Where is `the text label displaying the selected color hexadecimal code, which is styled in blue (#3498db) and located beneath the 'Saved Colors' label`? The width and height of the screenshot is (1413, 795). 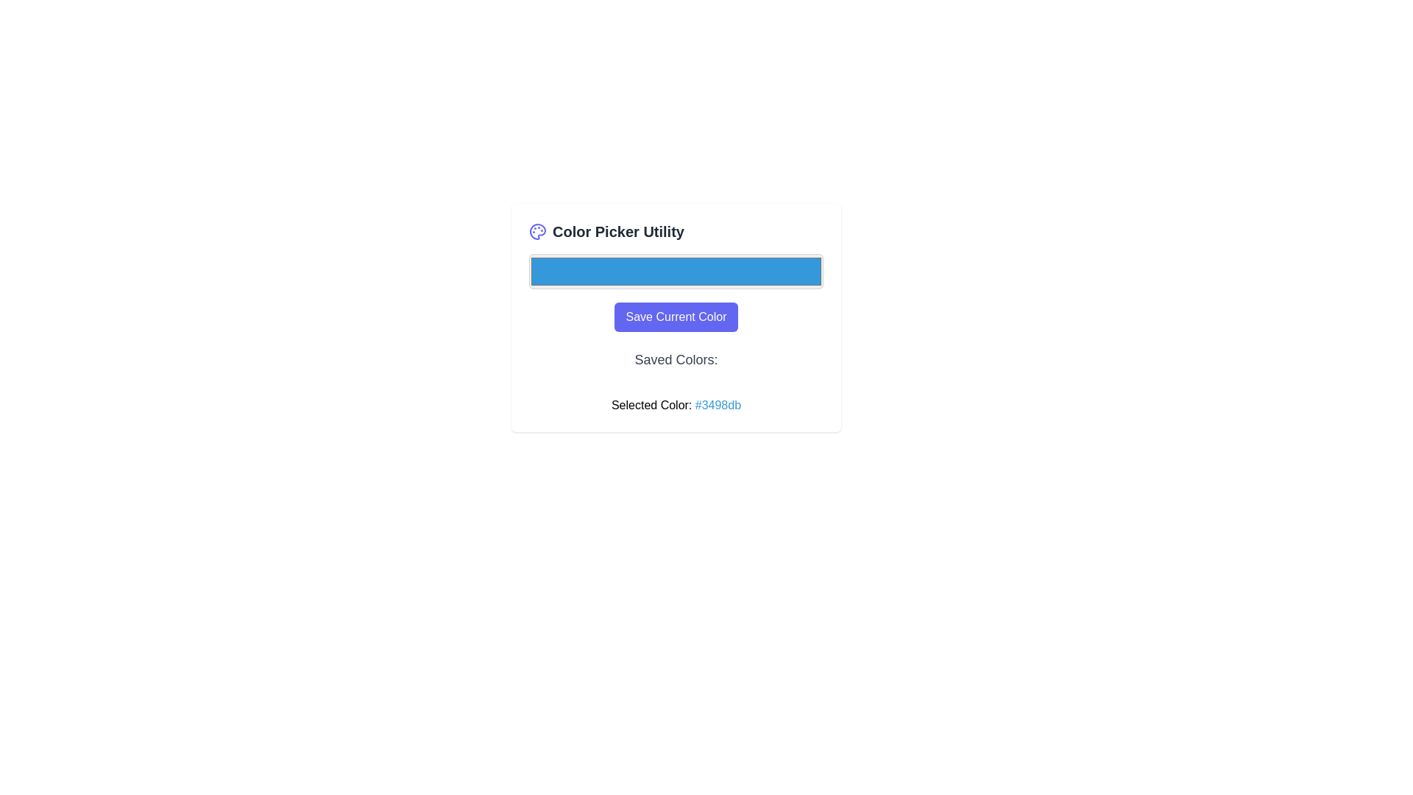 the text label displaying the selected color hexadecimal code, which is styled in blue (#3498db) and located beneath the 'Saved Colors' label is located at coordinates (718, 405).